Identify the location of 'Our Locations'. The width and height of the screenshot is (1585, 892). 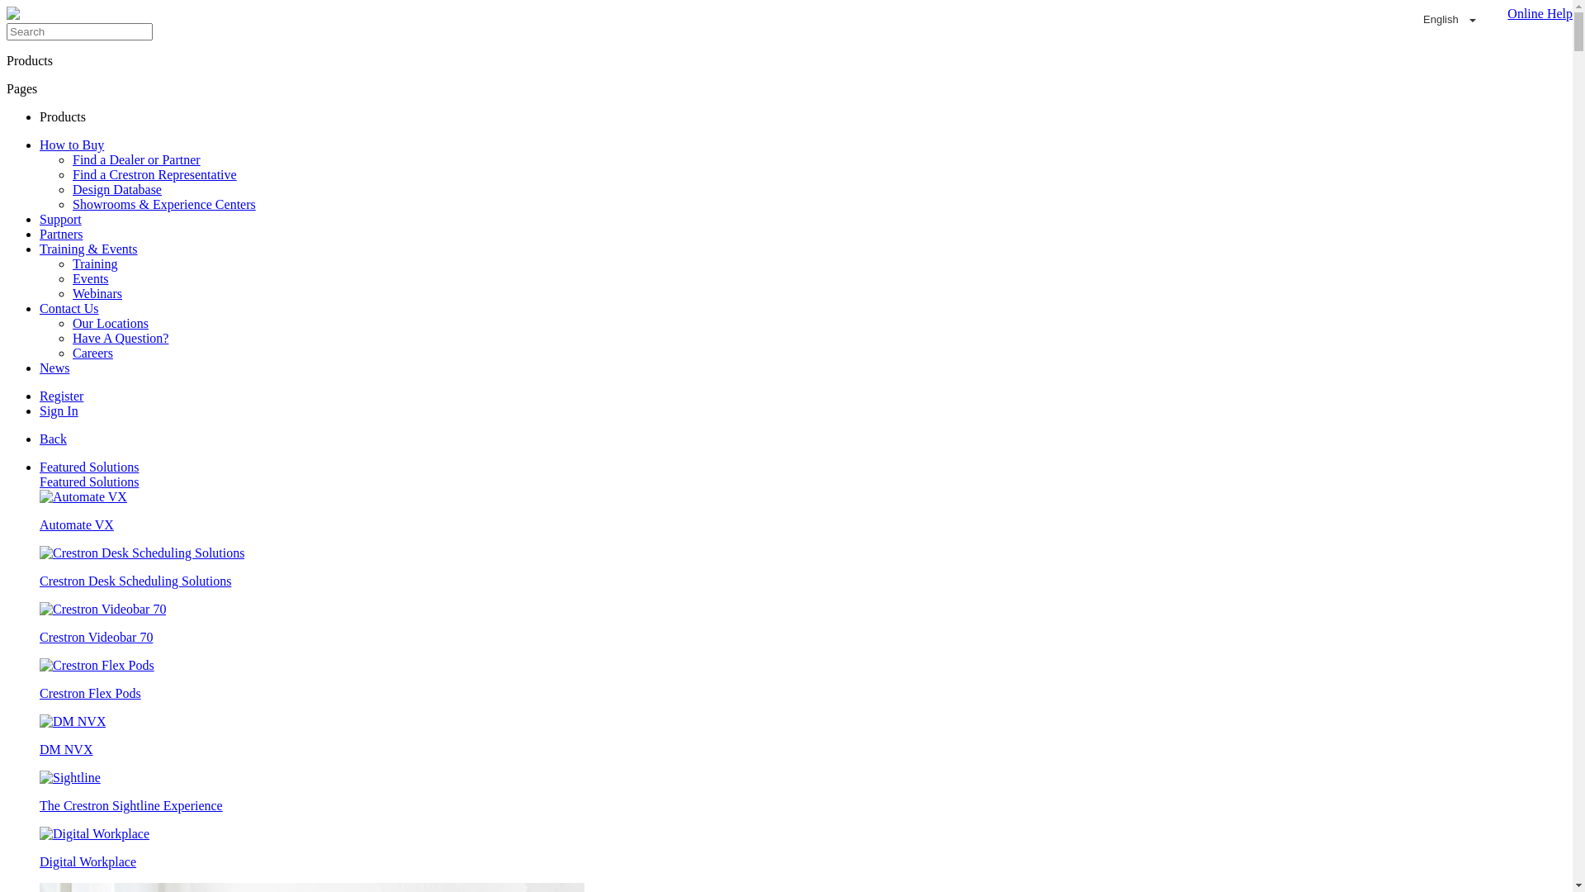
(110, 323).